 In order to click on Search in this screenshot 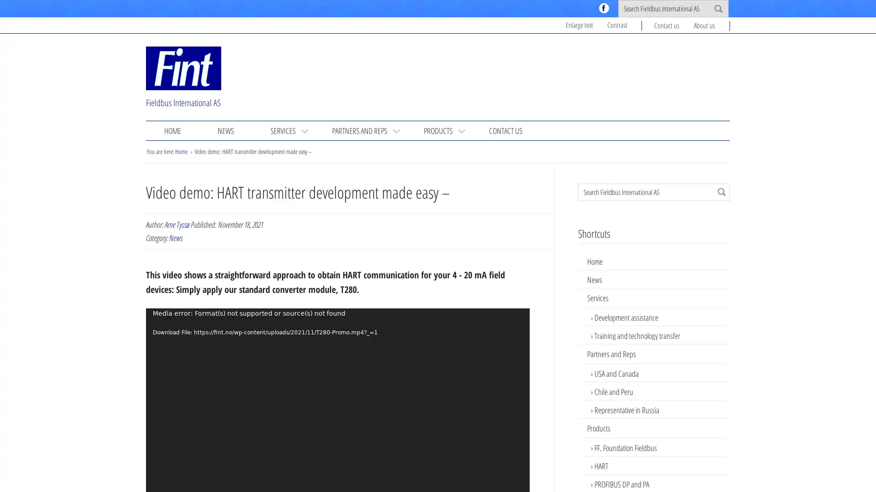, I will do `click(721, 191)`.